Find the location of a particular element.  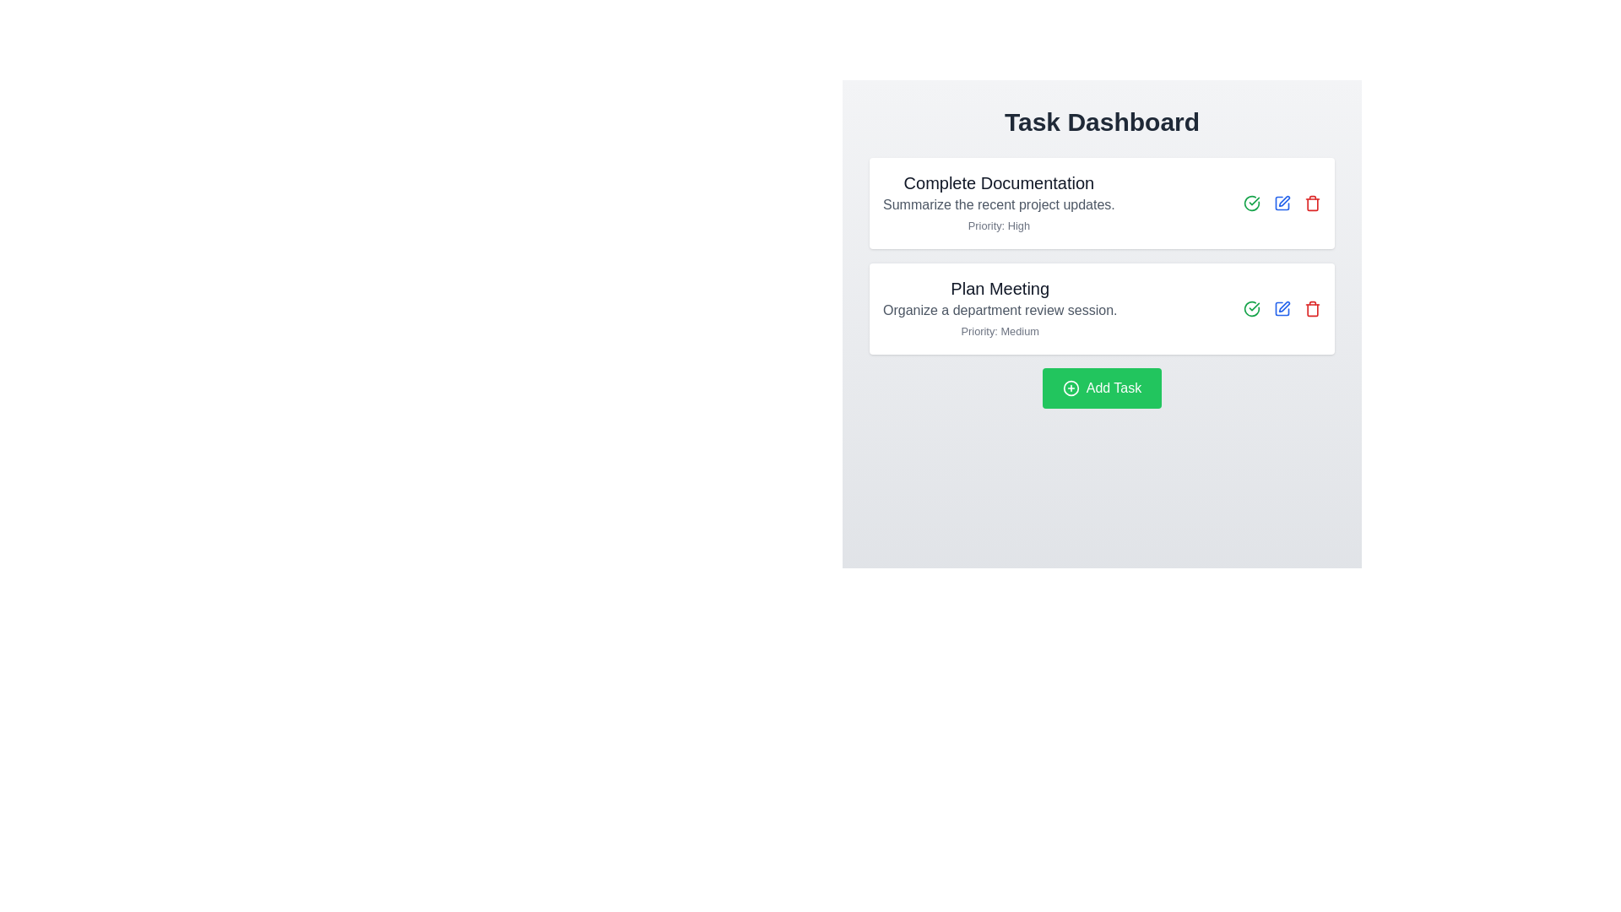

the button that allows users to add a new task to the dashboard is located at coordinates (1102, 388).